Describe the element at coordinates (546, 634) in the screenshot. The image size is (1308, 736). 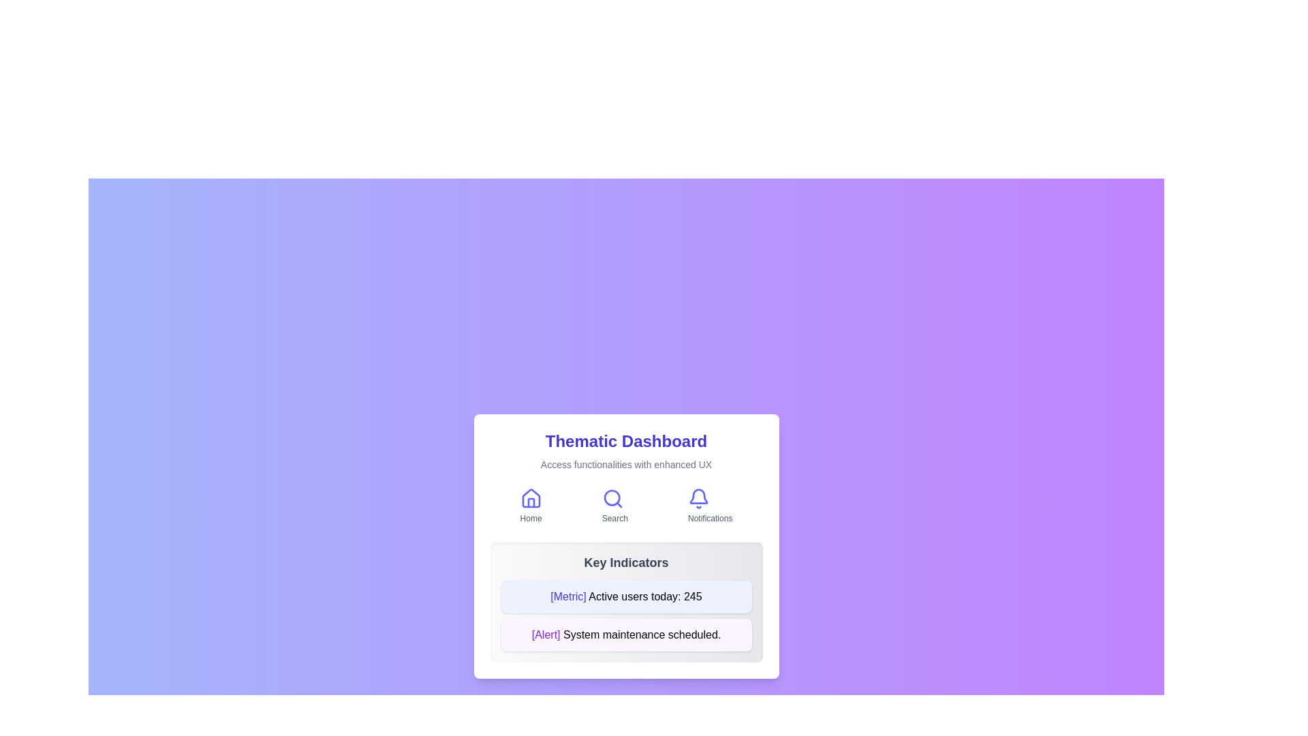
I see `message from the '[Alert]' text indicator, which is styled in purple and located at the beginning of a notification message inside a light purple rounded box near the bottom of the dashboard interface` at that location.